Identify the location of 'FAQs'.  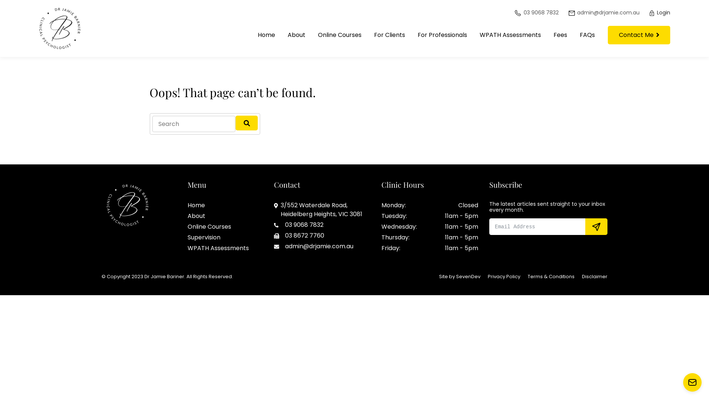
(574, 35).